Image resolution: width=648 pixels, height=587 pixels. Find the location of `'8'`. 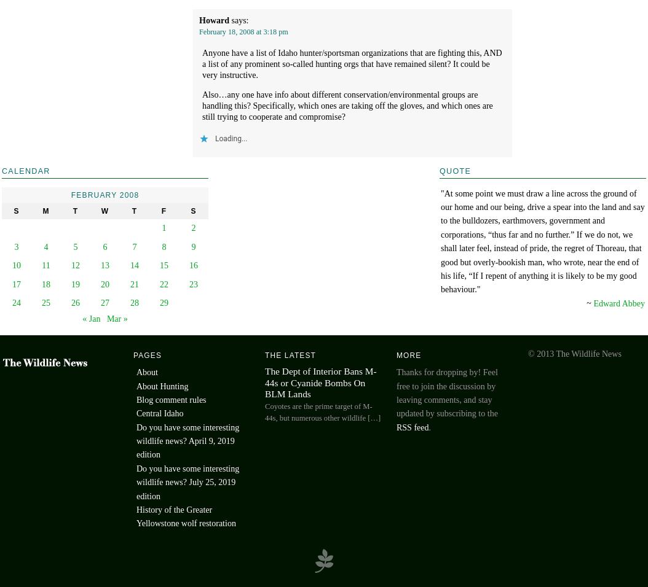

'8' is located at coordinates (163, 246).